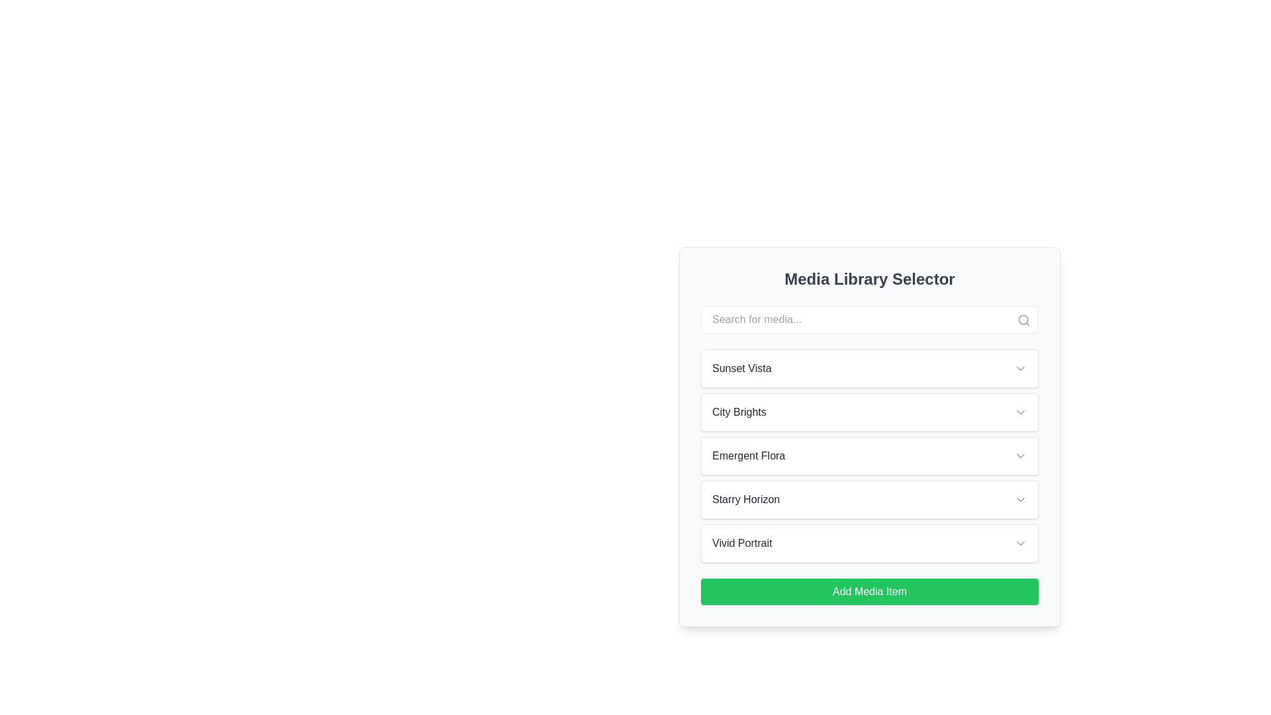  Describe the element at coordinates (746, 500) in the screenshot. I see `the Text Label displaying 'Starry Horizon' in gray color on a white background` at that location.